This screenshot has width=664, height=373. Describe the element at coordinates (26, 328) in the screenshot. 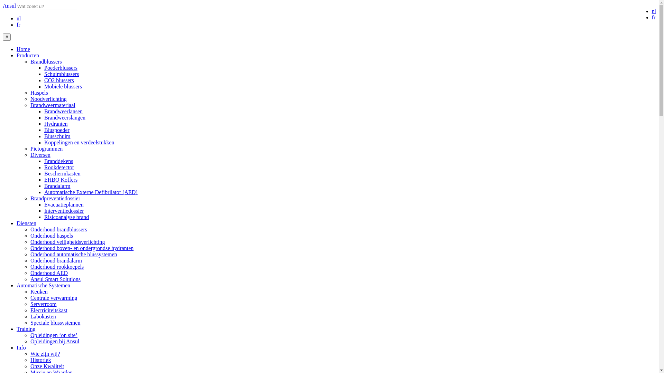

I see `'Training'` at that location.